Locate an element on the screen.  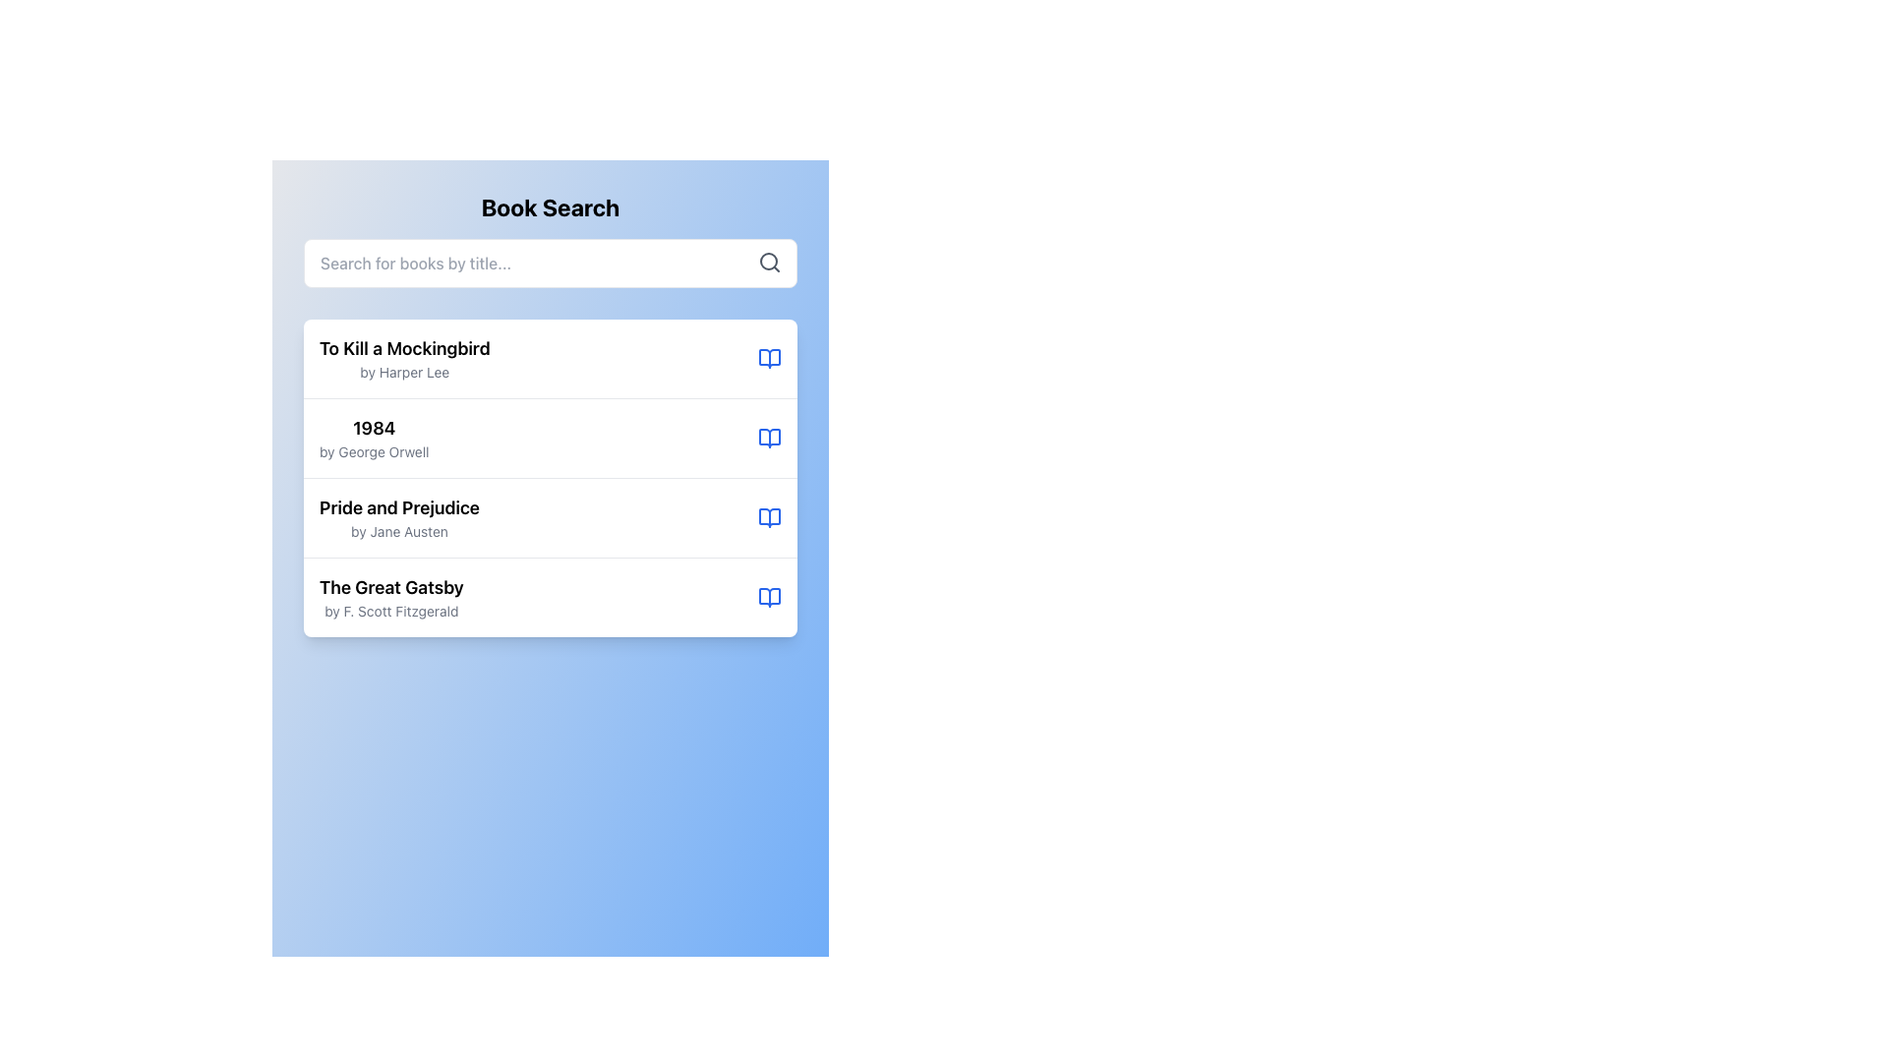
the text label indicating the book information for '1984' by George Orwell, which is the second item in the list of book entries against a blue background is located at coordinates (374, 438).